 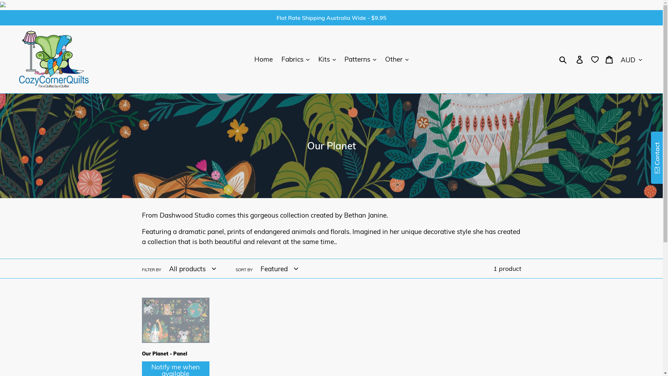 What do you see at coordinates (147, 303) in the screenshot?
I see `'Add to Wishlist'` at bounding box center [147, 303].